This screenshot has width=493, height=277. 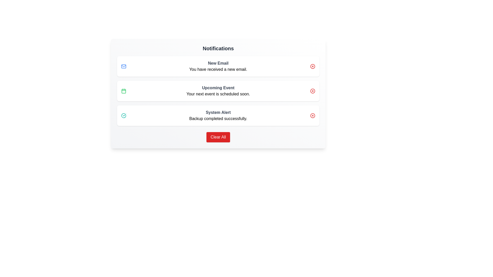 What do you see at coordinates (124, 66) in the screenshot?
I see `the blue mail icon depicted as an envelope, located at the leftmost end of the 'New Email' notification card` at bounding box center [124, 66].